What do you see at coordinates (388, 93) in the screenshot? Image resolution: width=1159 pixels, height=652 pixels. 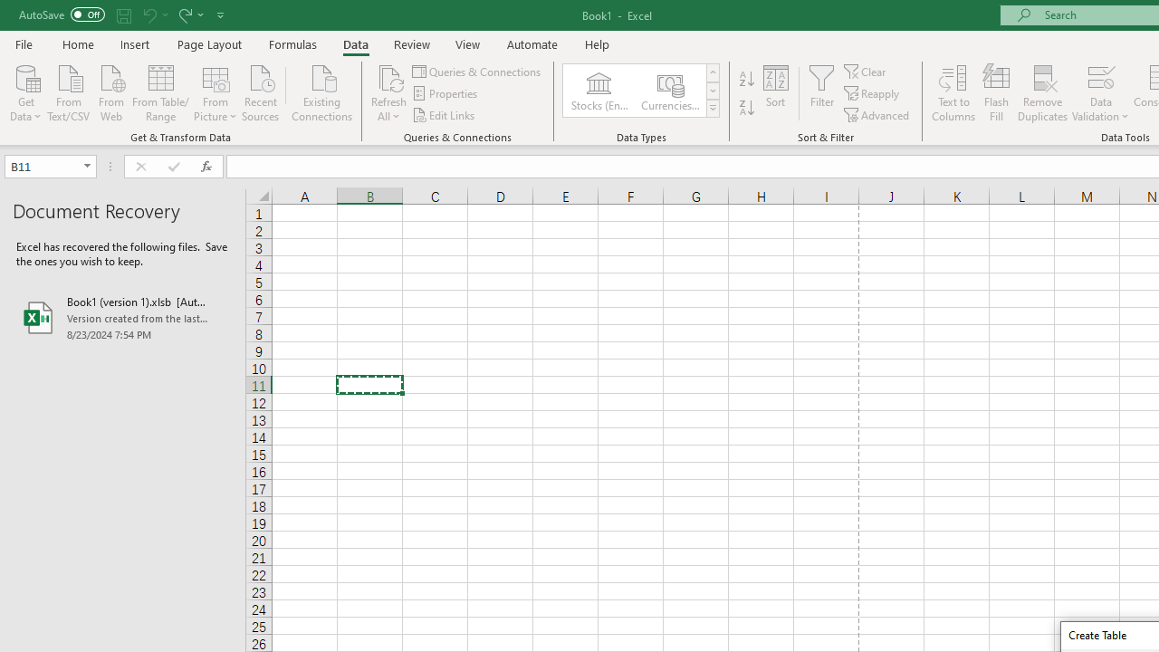 I see `'Refresh All'` at bounding box center [388, 93].